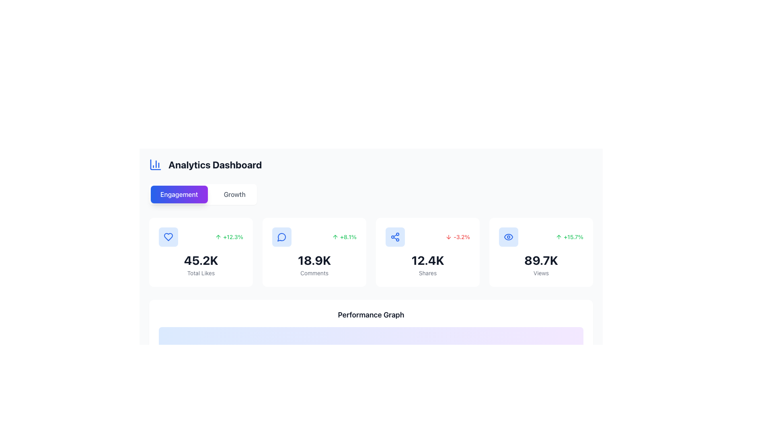 This screenshot has height=434, width=772. What do you see at coordinates (395, 237) in the screenshot?
I see `the share icon in the light blue rounded rectangle, located in the third card from the left under the 'Engagement' tab, near the '12.4K Shares' text` at bounding box center [395, 237].